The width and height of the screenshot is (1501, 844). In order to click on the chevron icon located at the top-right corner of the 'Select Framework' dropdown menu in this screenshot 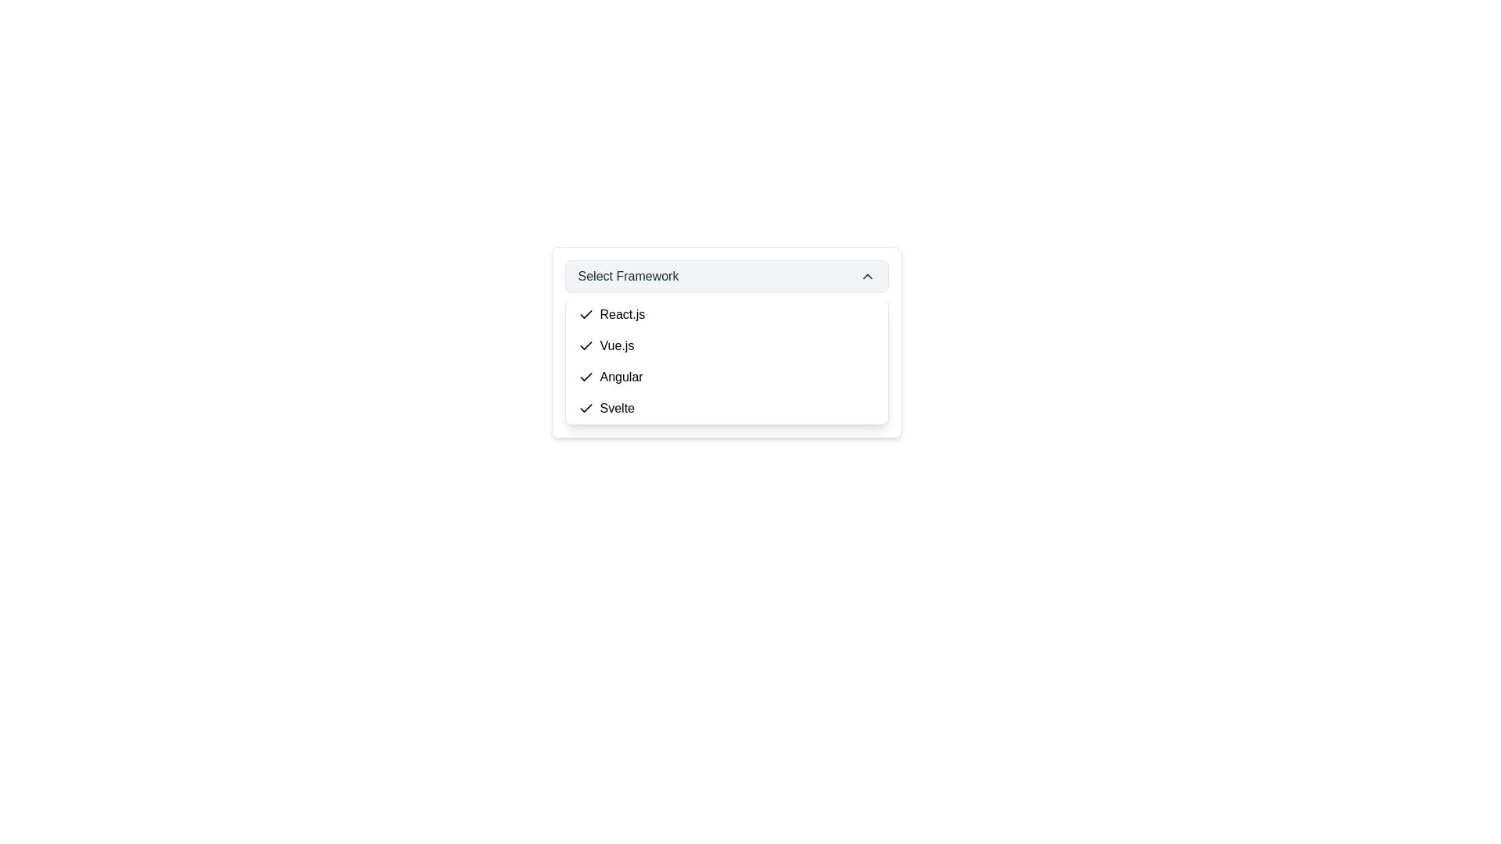, I will do `click(866, 276)`.